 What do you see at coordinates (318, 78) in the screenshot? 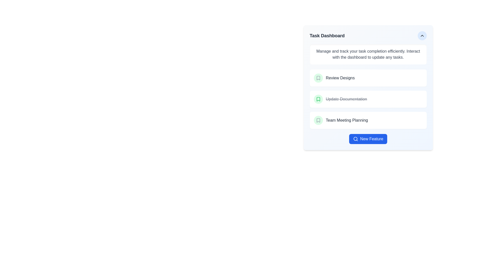
I see `the SVG-based bookmark icon within the 'Review Designs' button in the task list under 'Task Dashboard.' This icon is the first item in the list and serves an informative role` at bounding box center [318, 78].